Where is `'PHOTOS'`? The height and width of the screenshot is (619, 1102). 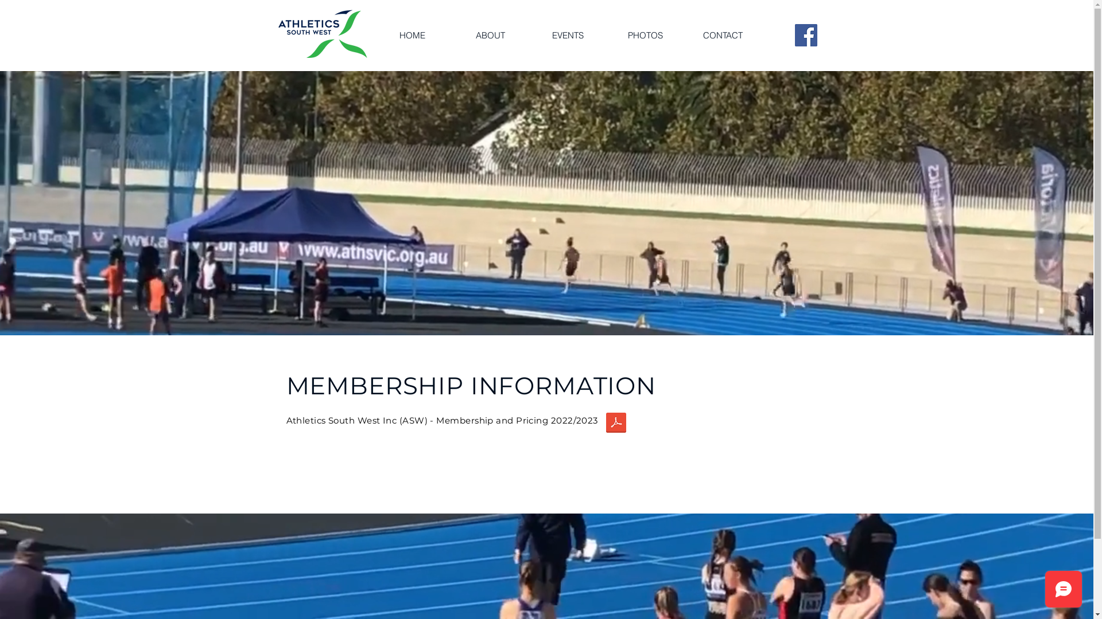 'PHOTOS' is located at coordinates (645, 34).